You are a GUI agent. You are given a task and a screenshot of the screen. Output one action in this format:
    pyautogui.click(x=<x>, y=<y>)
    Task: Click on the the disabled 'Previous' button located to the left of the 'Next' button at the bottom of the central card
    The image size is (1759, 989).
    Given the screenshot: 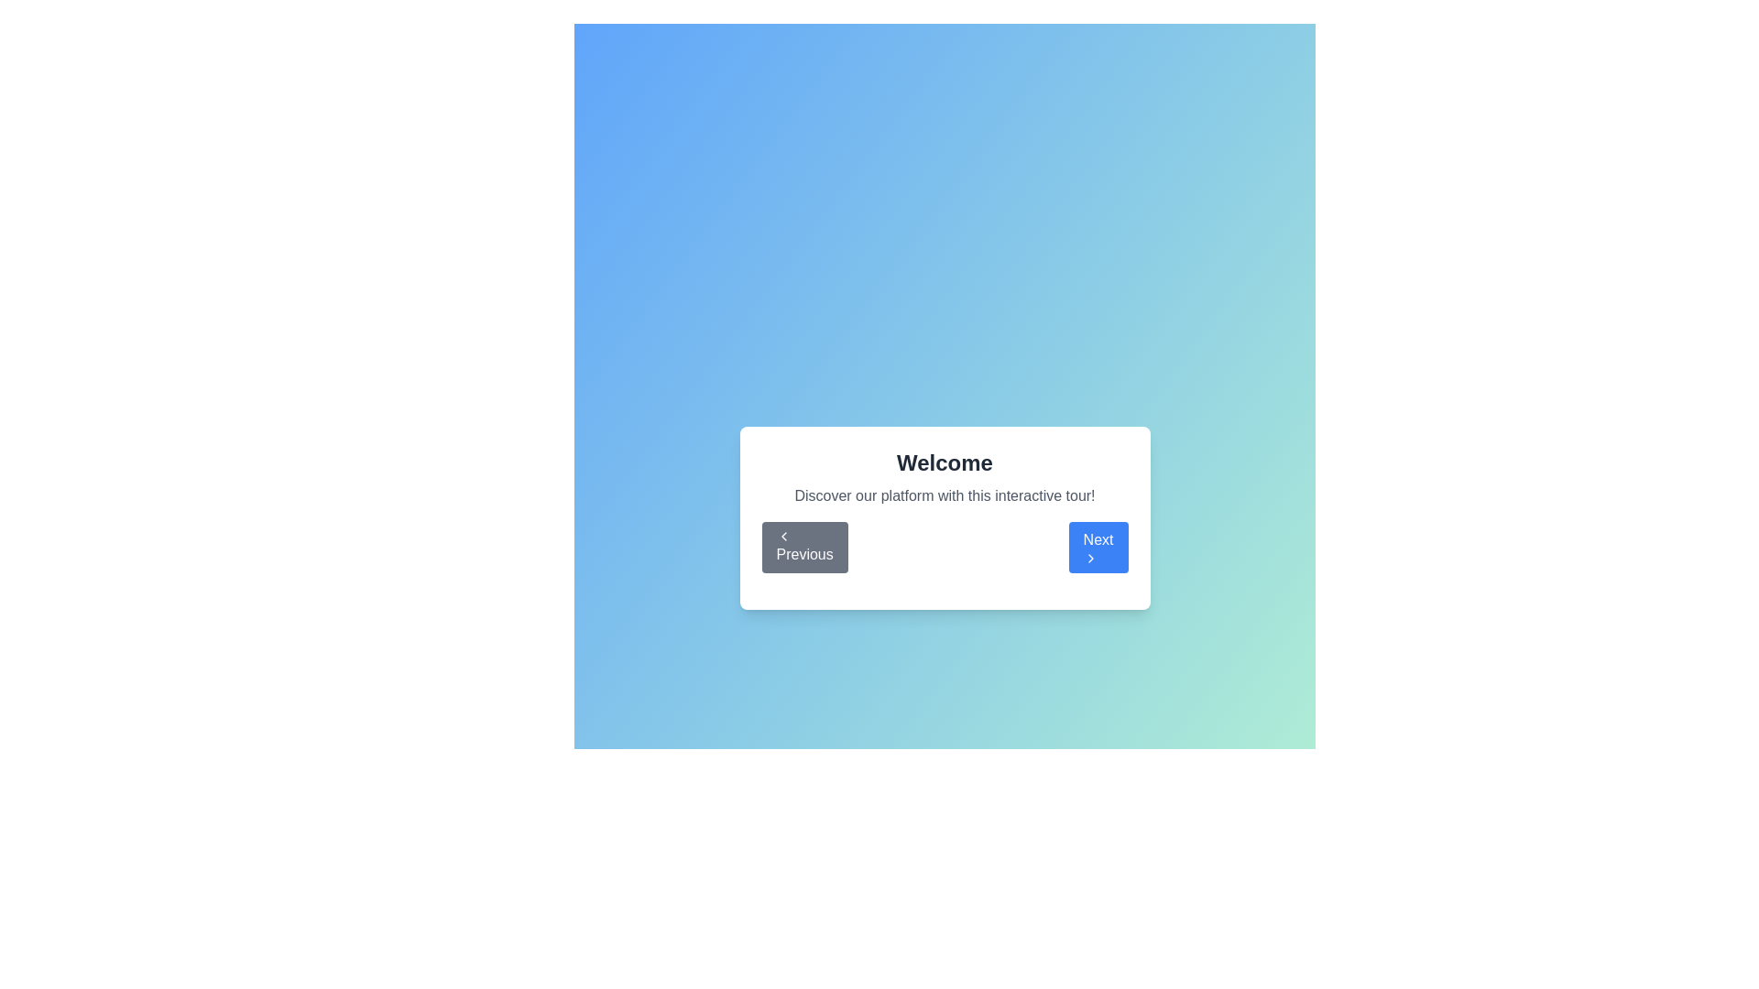 What is the action you would take?
    pyautogui.click(x=804, y=546)
    